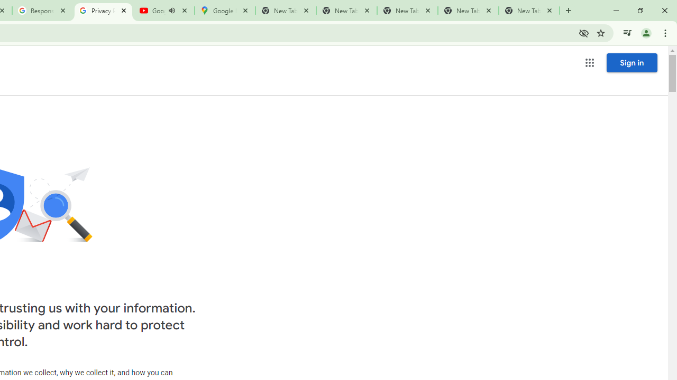  I want to click on 'Sign in', so click(632, 62).